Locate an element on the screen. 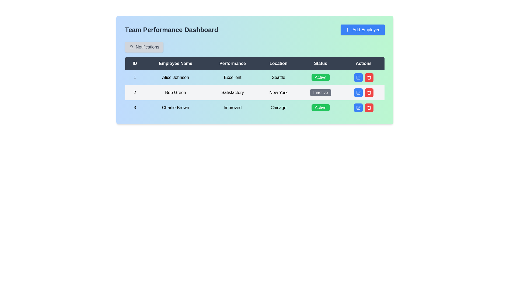  the red trash icon button with a white trash can symbol located in the 'Actions' column of the second row in the data table is located at coordinates (369, 92).